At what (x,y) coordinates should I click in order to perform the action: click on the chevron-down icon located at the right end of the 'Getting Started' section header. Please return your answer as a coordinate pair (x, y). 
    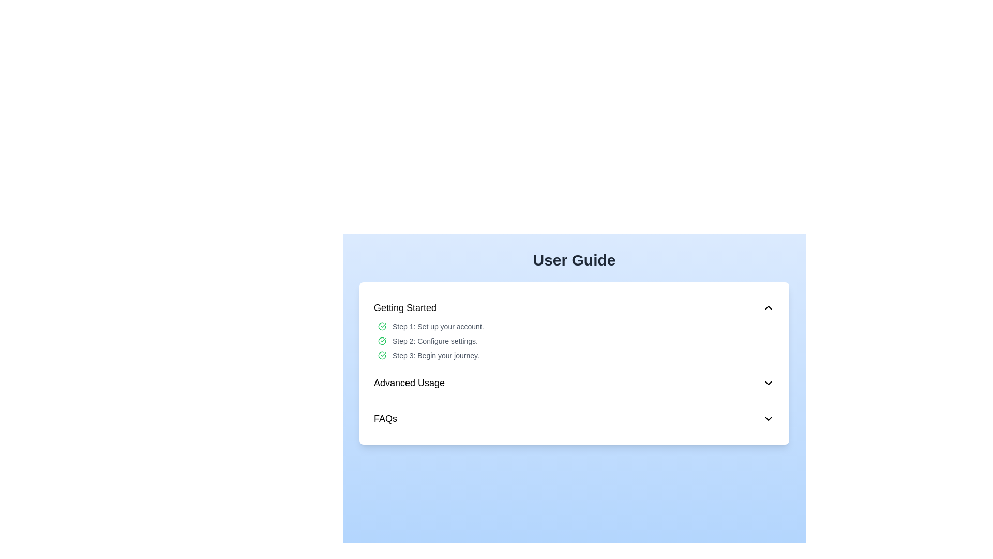
    Looking at the image, I should click on (769, 307).